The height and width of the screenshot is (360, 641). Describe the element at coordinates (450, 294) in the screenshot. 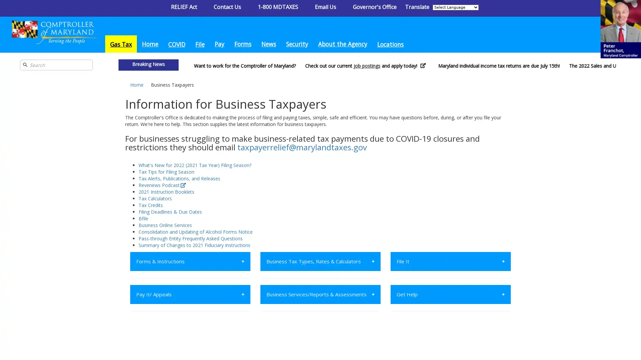

I see `Get Help +` at that location.